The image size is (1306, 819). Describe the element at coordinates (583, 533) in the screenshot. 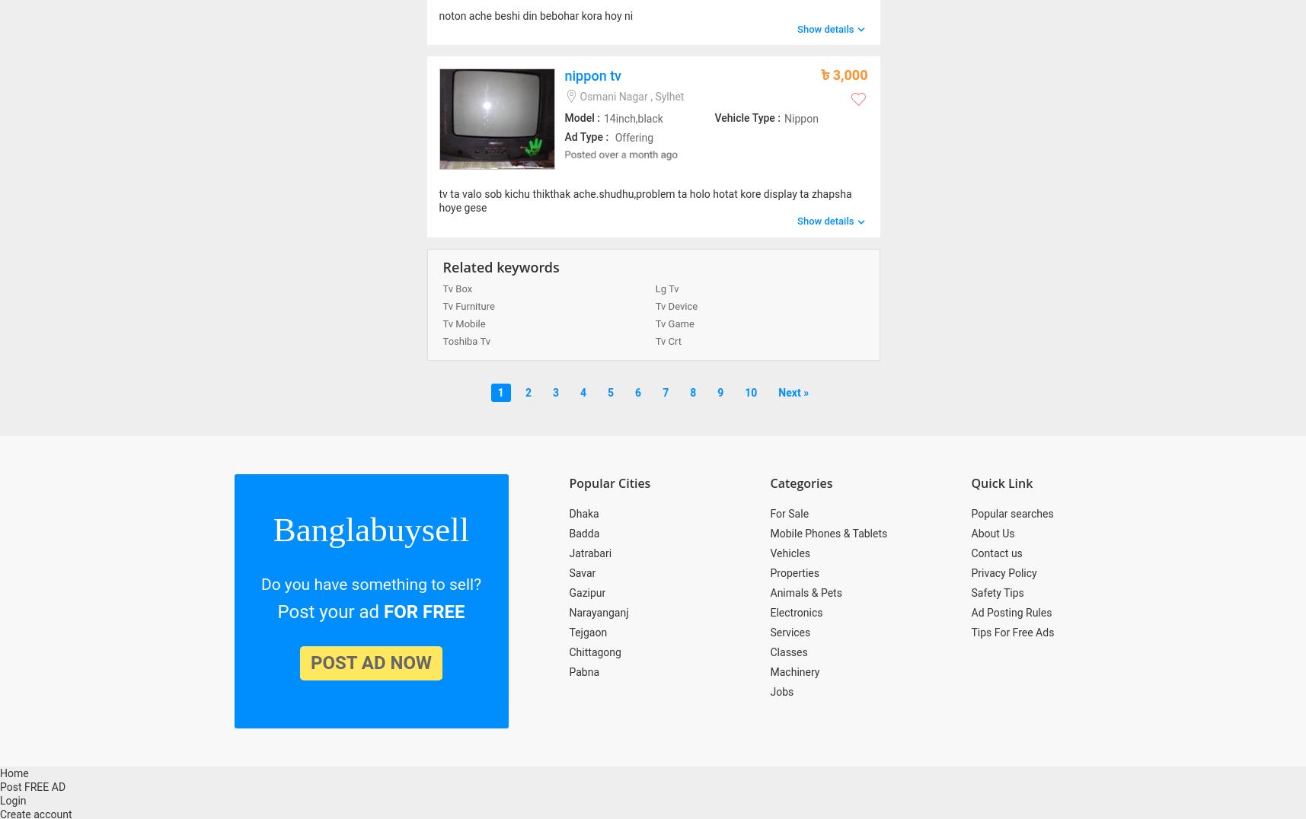

I see `'Badda'` at that location.